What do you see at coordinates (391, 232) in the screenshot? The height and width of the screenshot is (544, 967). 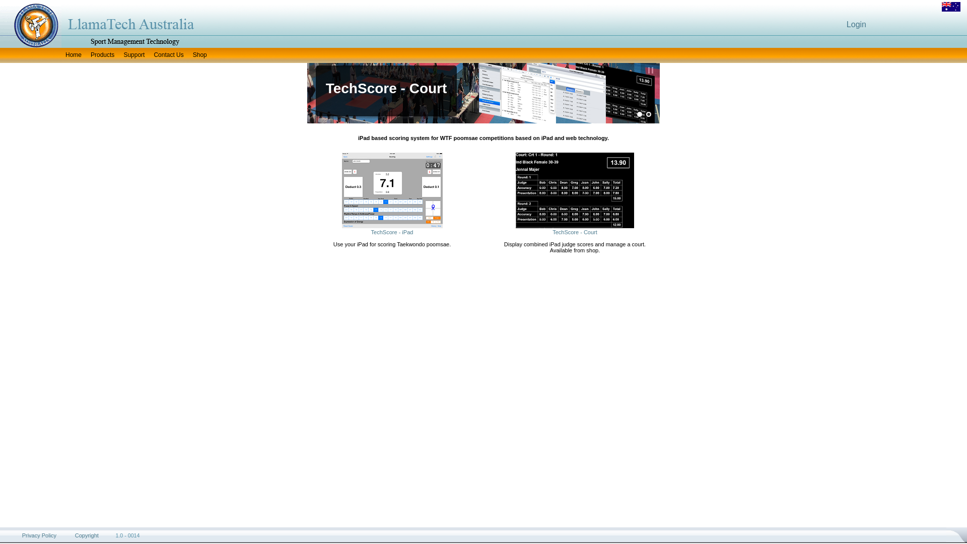 I see `'TechScore - iPad'` at bounding box center [391, 232].